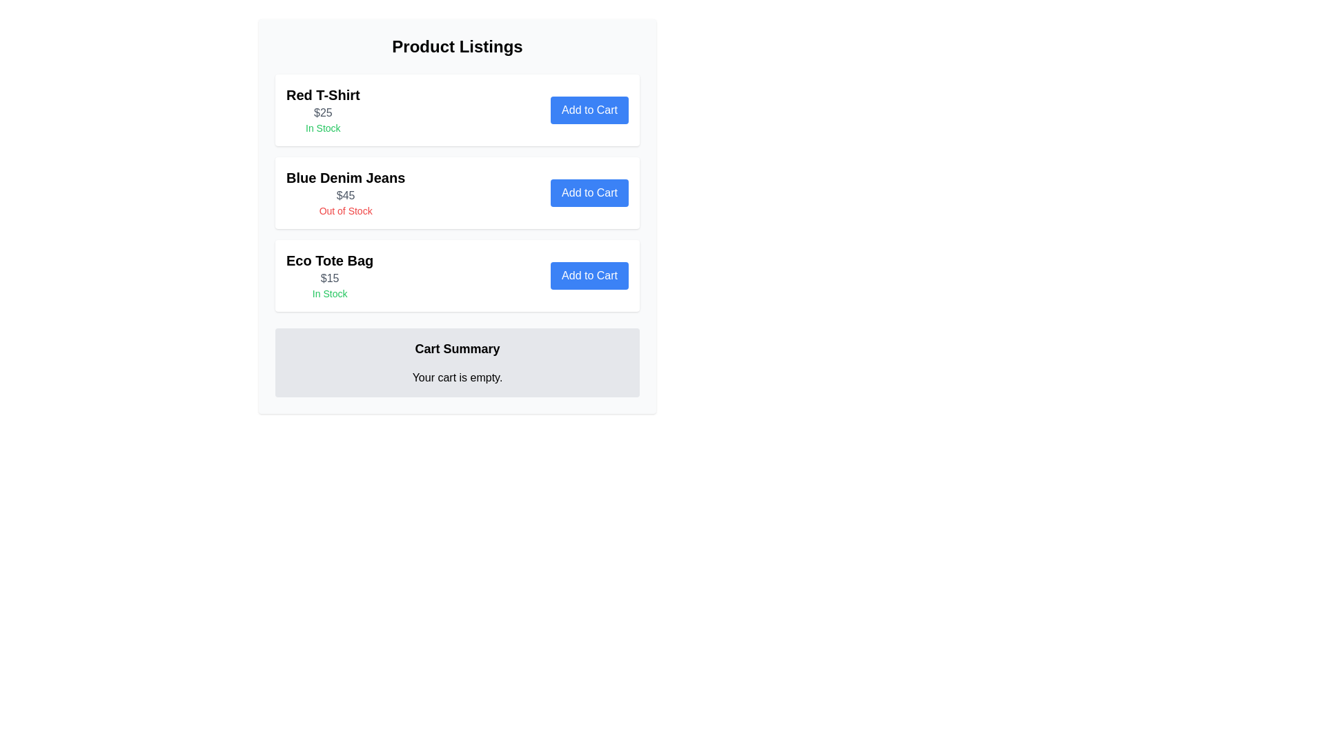 The height and width of the screenshot is (745, 1325). Describe the element at coordinates (322, 95) in the screenshot. I see `the Text label that serves as the key identifier for the product, located at the top of the product card list on the left side of the interface` at that location.